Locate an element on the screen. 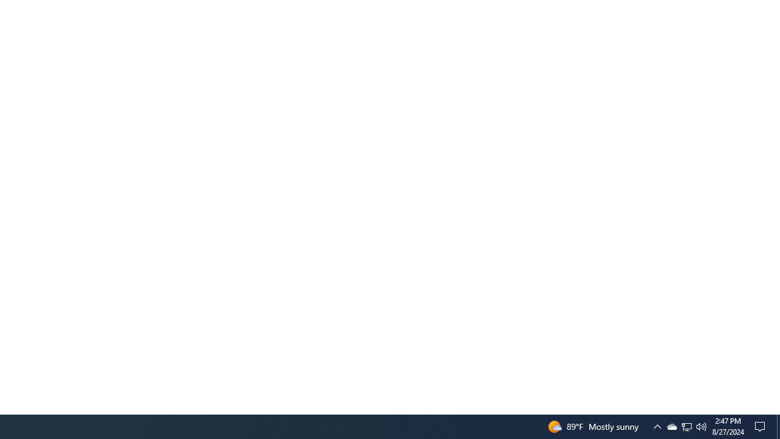 The width and height of the screenshot is (780, 439). 'Notification Chevron' is located at coordinates (687, 426).